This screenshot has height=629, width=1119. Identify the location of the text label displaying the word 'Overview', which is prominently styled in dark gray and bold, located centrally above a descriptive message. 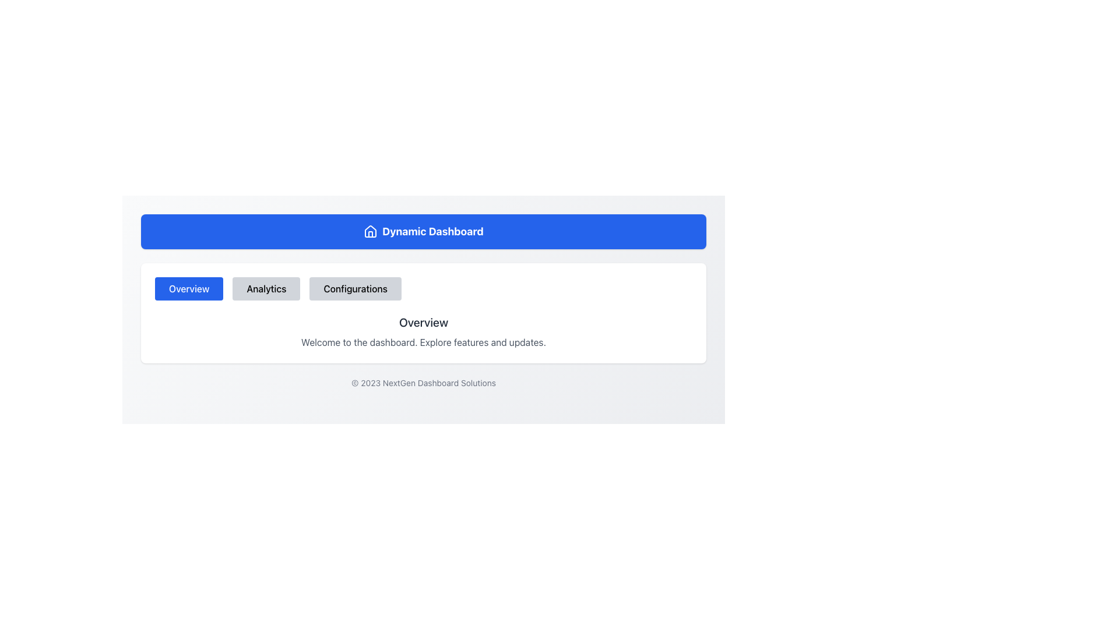
(423, 323).